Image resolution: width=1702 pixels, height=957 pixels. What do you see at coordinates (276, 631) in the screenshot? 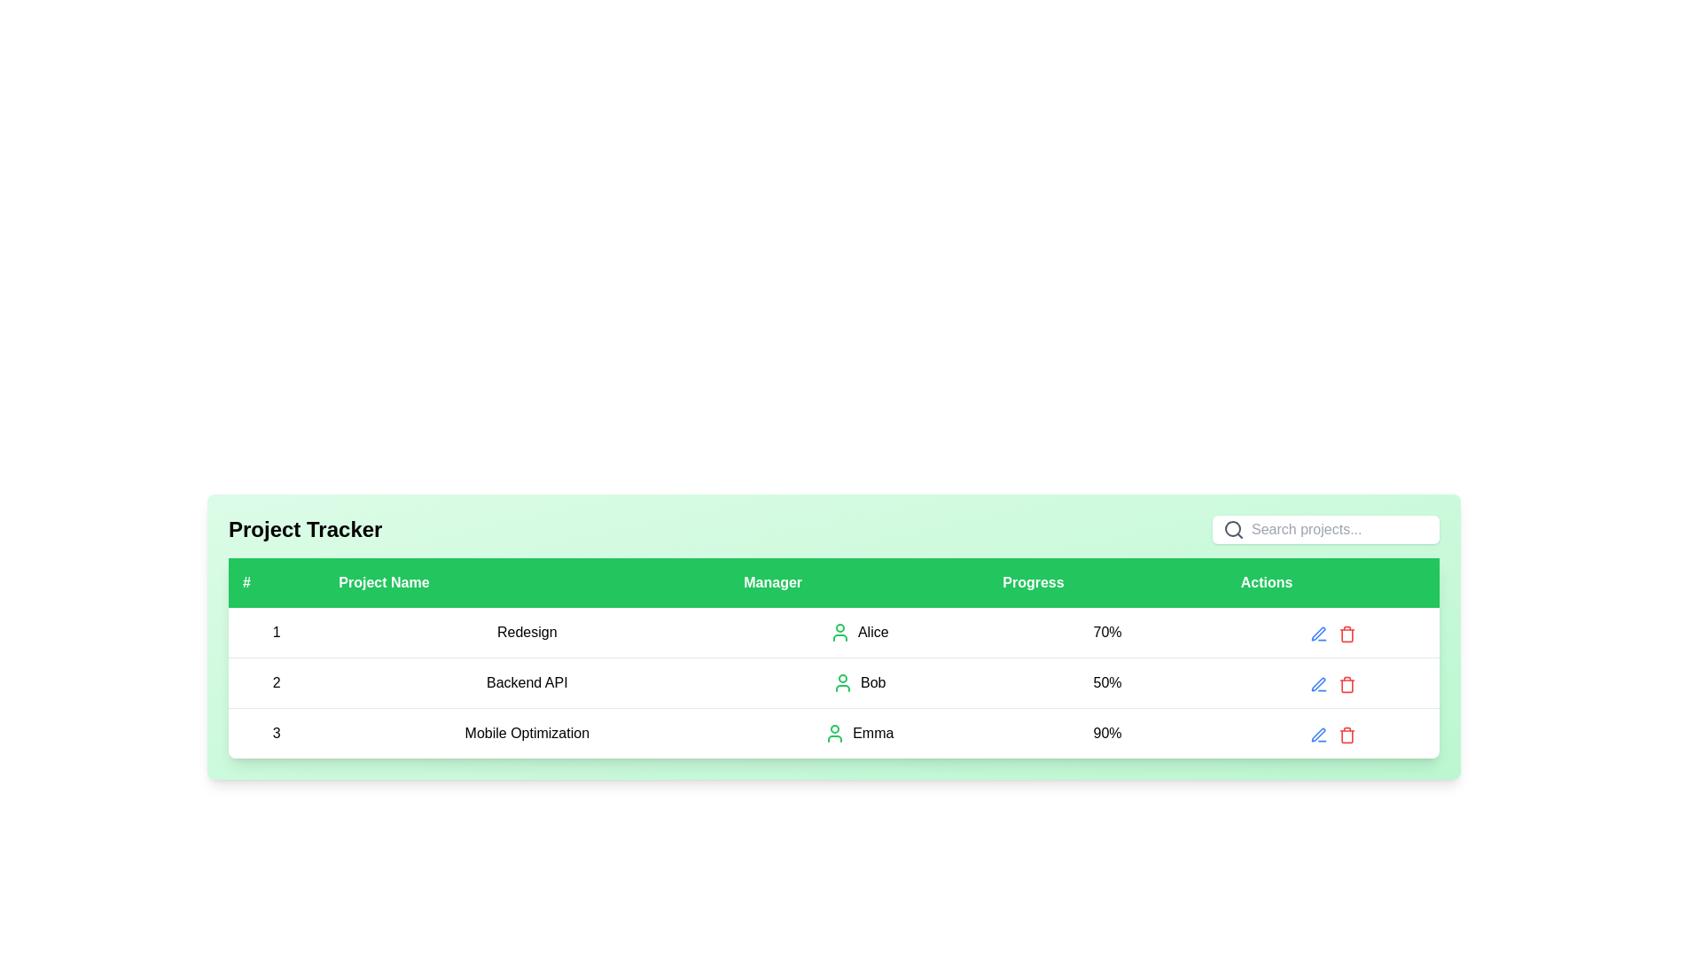
I see `the first cell in the first row of the table, which contains the serial number under the '#' header` at bounding box center [276, 631].